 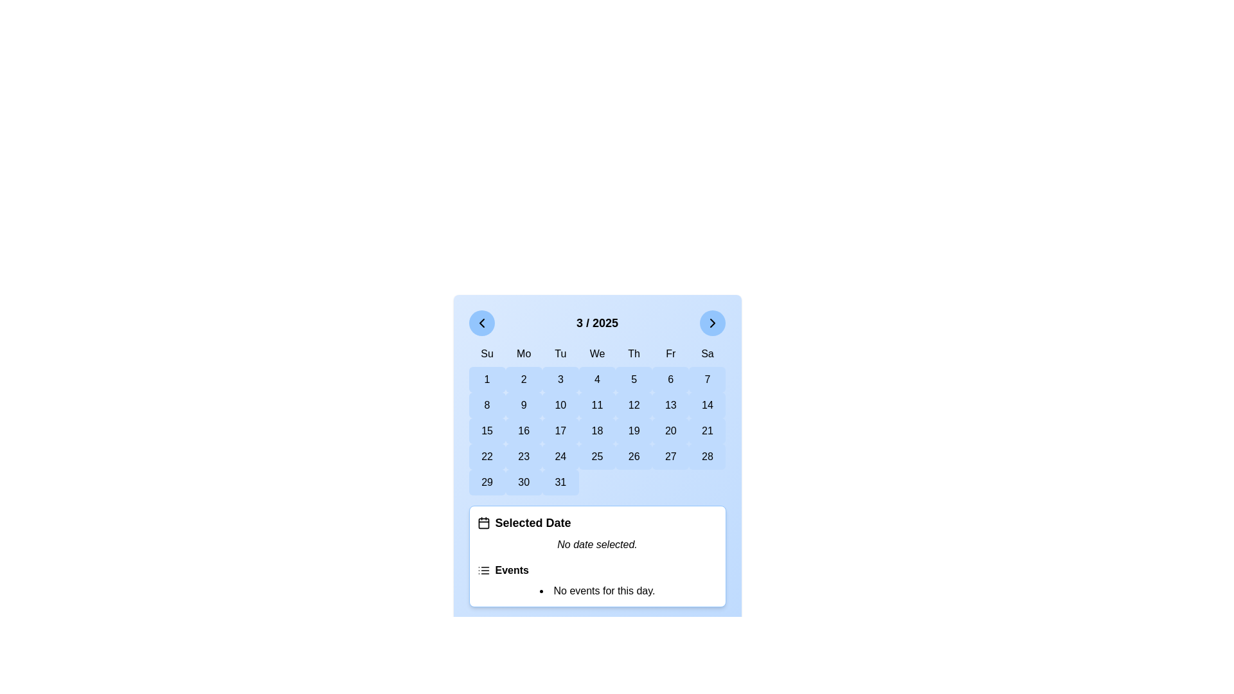 I want to click on the rounded rectangular button with the light blue background and bold black text '28' in the March 2025 calendar, so click(x=706, y=456).